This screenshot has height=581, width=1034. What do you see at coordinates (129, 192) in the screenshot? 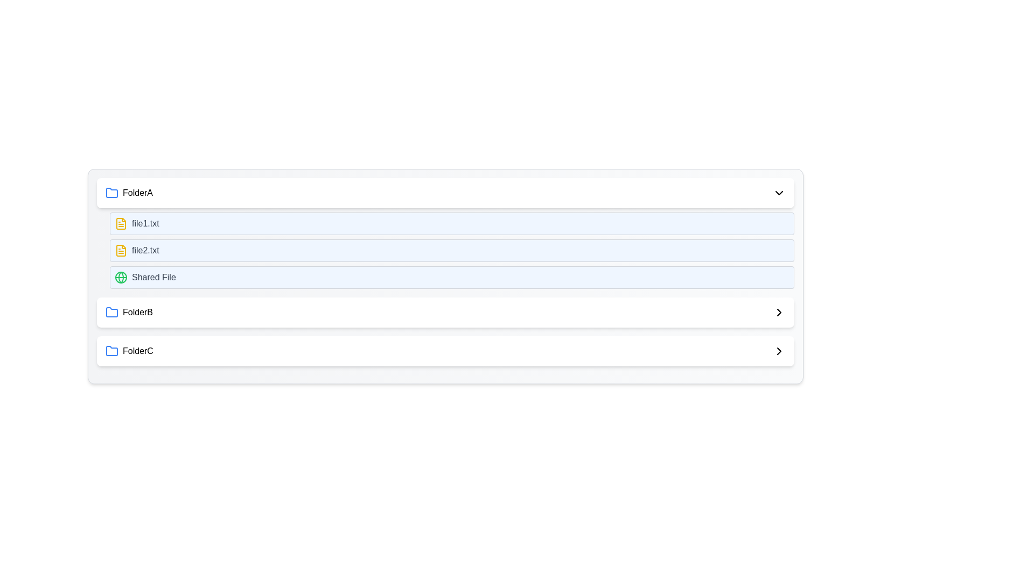
I see `the label 'FolderA' which is visually represented next to a blue folder icon, located at the topmost entry of a vertical list` at bounding box center [129, 192].